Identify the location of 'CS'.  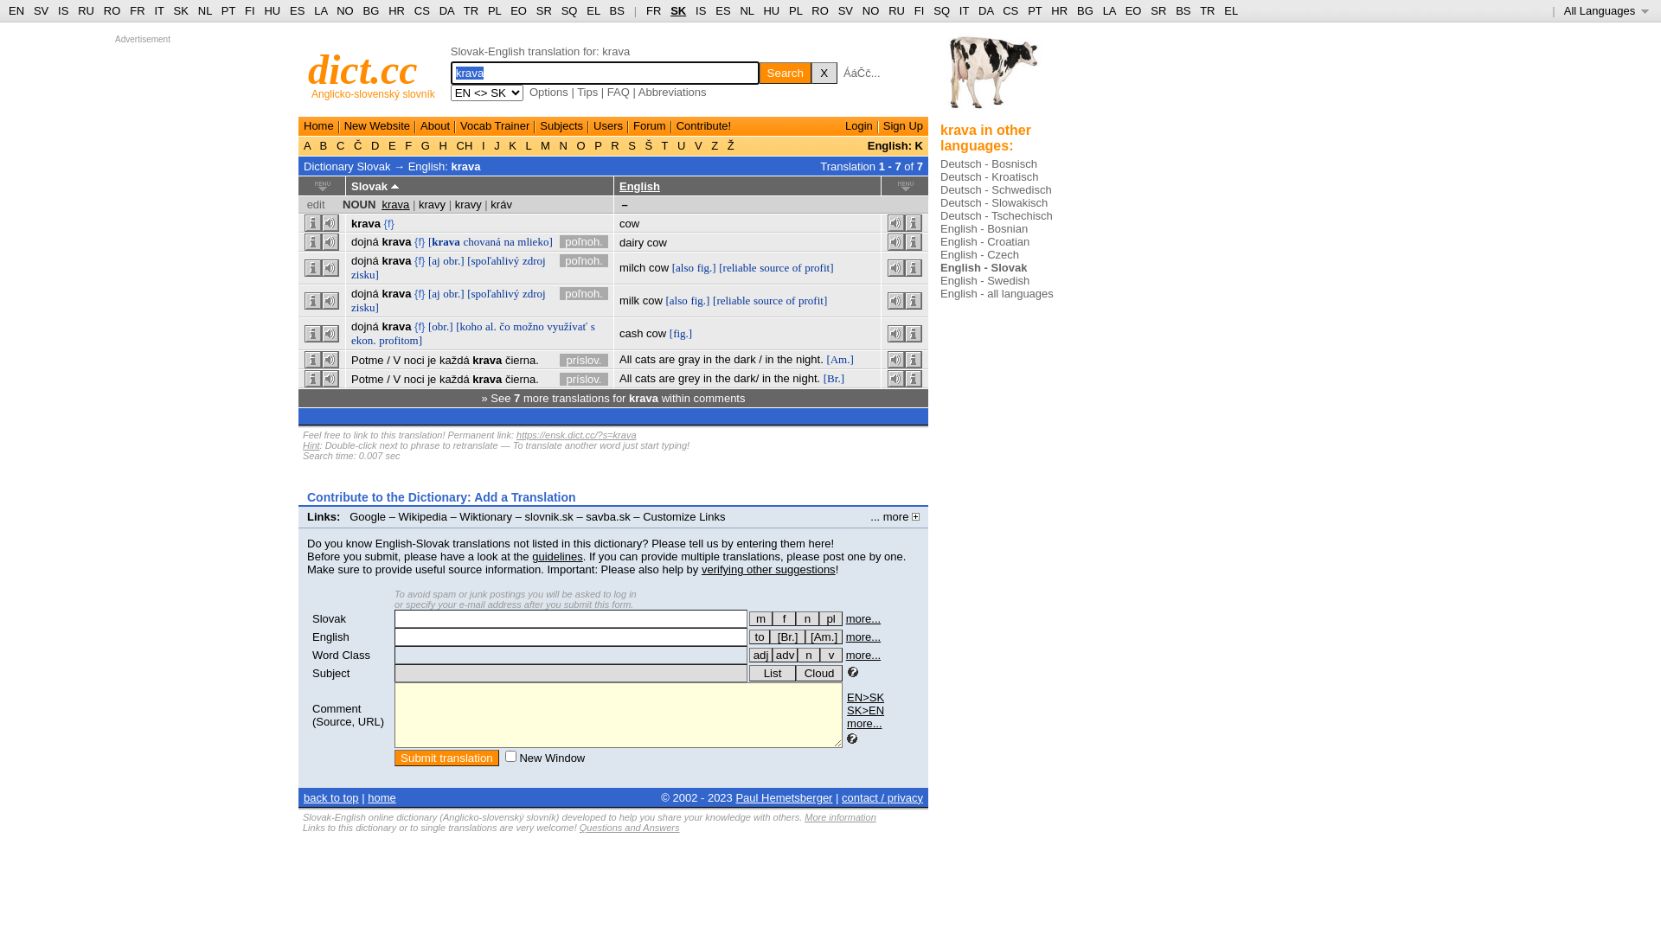
(414, 10).